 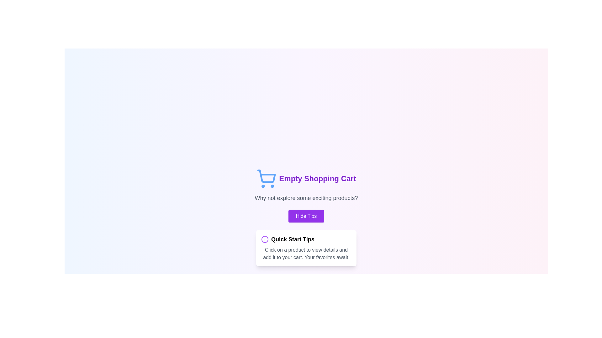 I want to click on the shopping cart icon, which is styled with a blue outline and positioned to the left of the 'Empty Shopping Cart' text, so click(x=267, y=178).